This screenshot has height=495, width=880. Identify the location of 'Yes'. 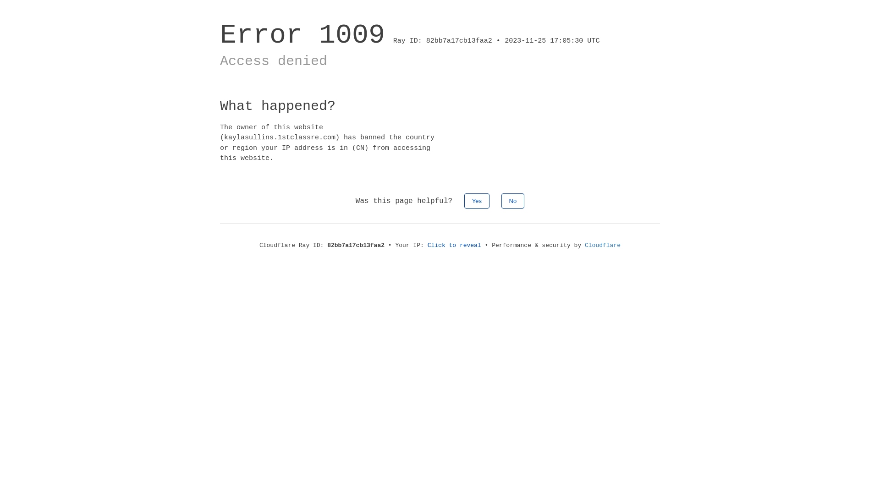
(477, 200).